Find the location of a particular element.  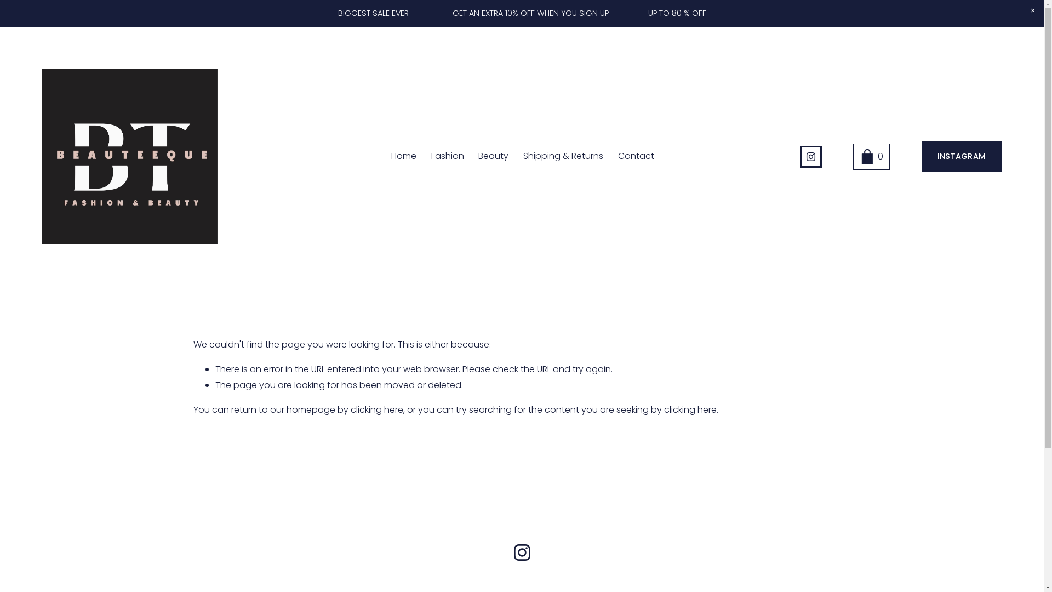

'clicking here' is located at coordinates (663, 409).